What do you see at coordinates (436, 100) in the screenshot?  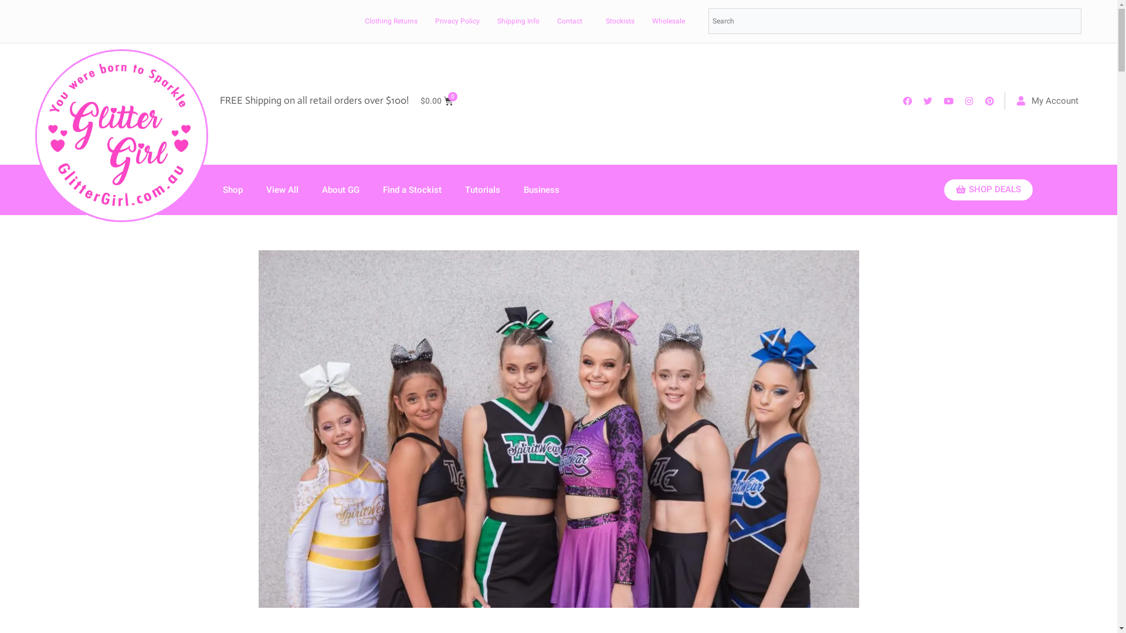 I see `'$0.00` at bounding box center [436, 100].